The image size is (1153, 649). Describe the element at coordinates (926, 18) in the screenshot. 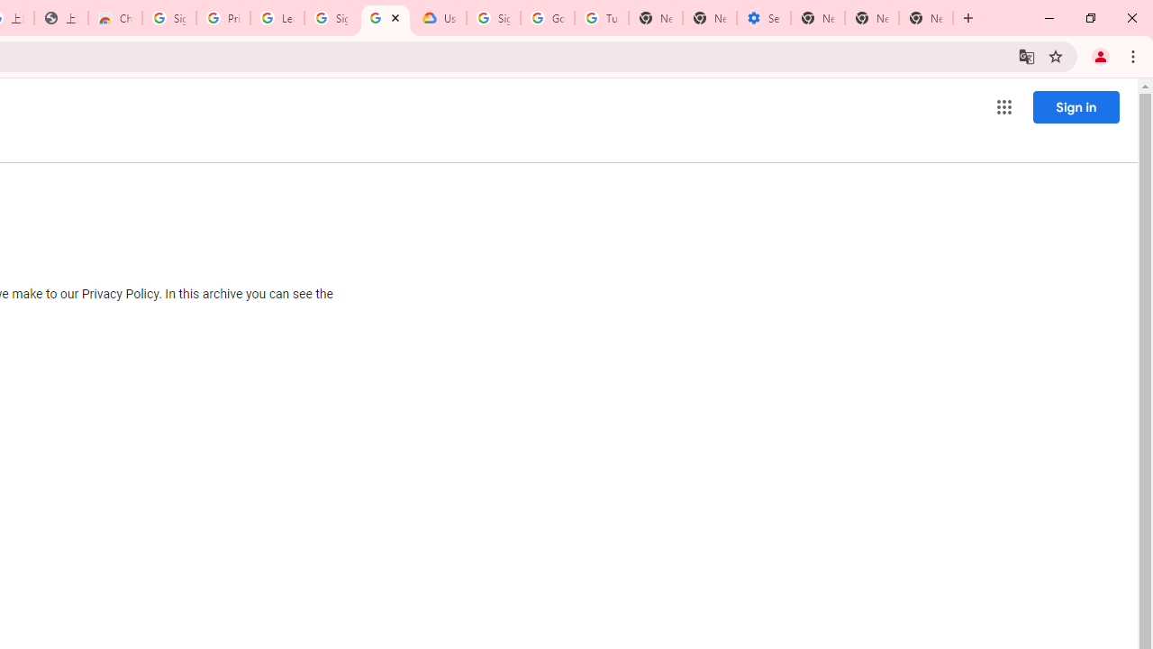

I see `'New Tab'` at that location.